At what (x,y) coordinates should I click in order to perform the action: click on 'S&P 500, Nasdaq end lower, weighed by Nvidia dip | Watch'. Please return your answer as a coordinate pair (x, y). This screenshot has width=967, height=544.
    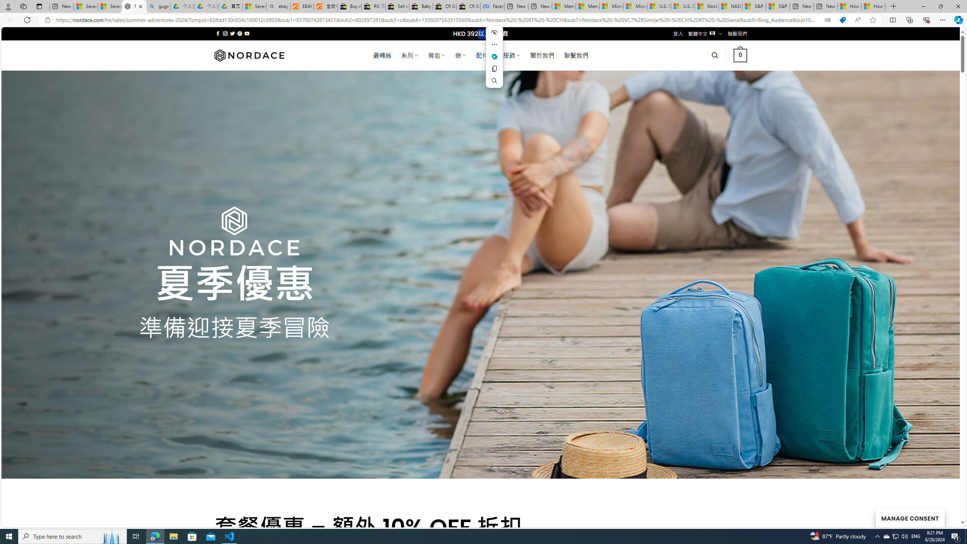
    Looking at the image, I should click on (777, 6).